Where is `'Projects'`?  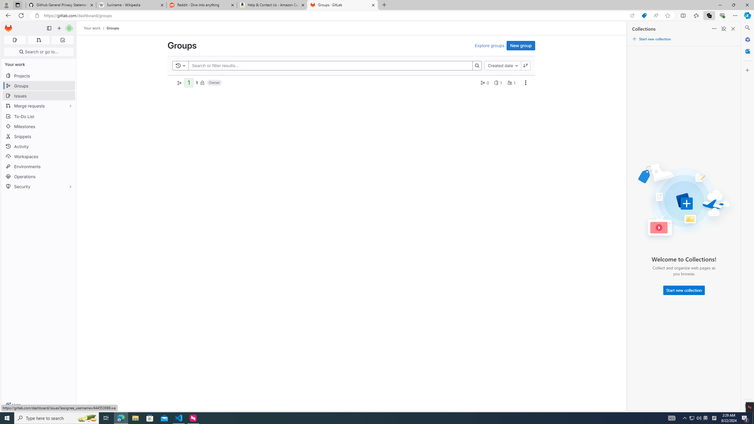
'Projects' is located at coordinates (38, 75).